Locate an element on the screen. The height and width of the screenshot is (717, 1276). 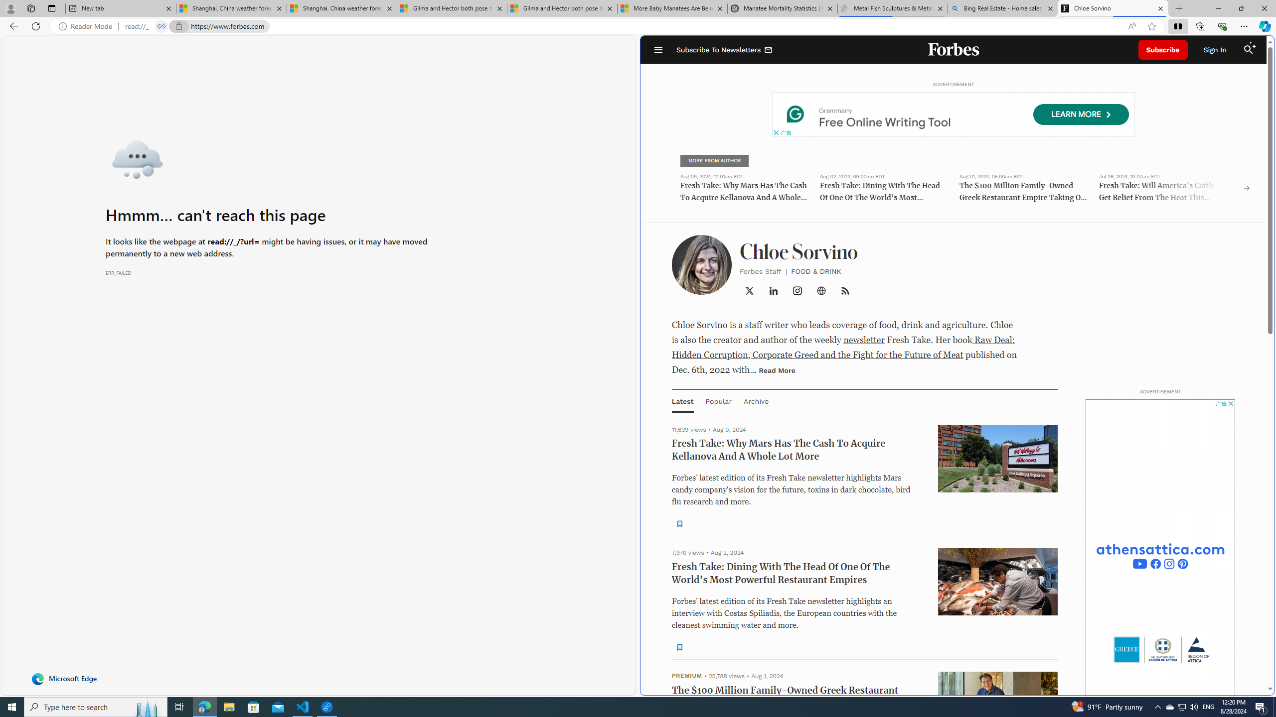
'Latest' is located at coordinates (682, 400).